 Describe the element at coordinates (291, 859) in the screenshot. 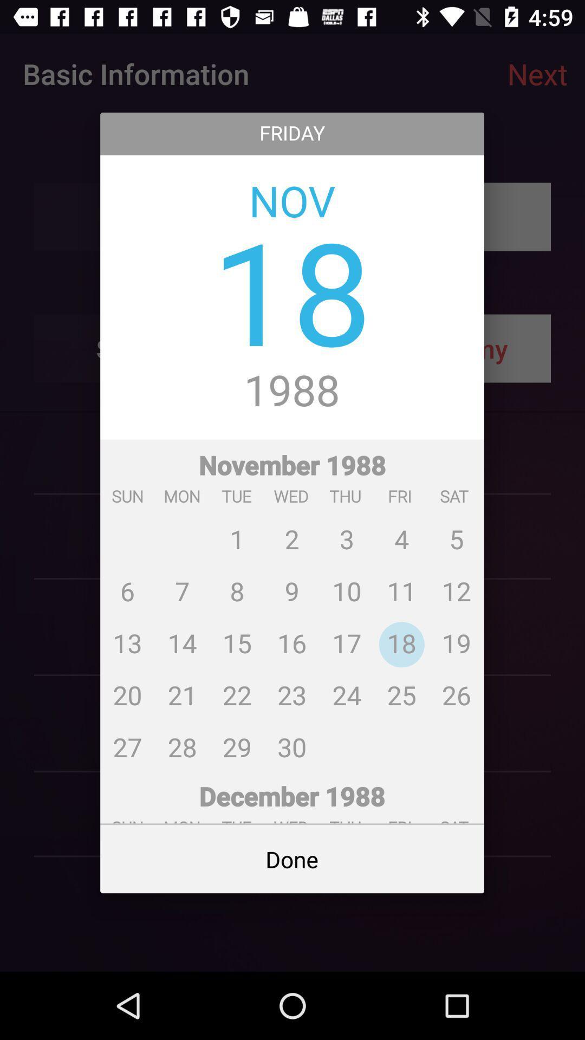

I see `the done icon` at that location.